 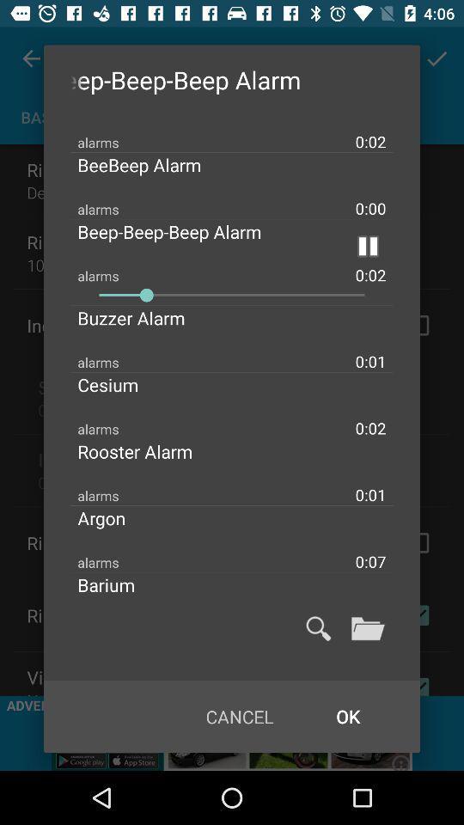 What do you see at coordinates (367, 627) in the screenshot?
I see `browse your files` at bounding box center [367, 627].